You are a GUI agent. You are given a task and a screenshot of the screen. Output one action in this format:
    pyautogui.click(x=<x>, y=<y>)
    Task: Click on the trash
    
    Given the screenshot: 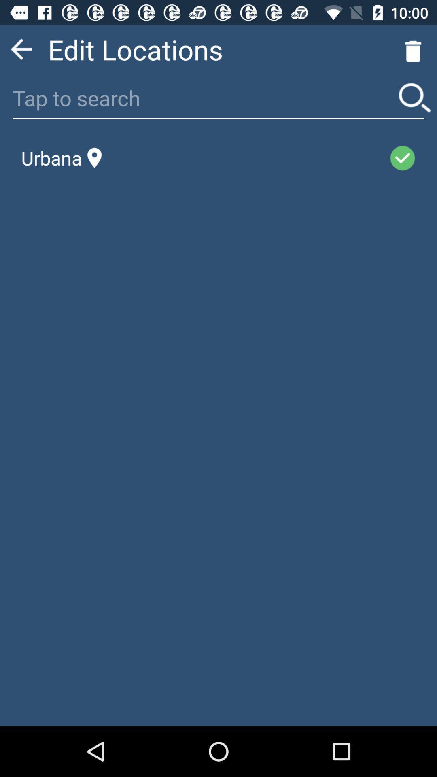 What is the action you would take?
    pyautogui.click(x=413, y=49)
    